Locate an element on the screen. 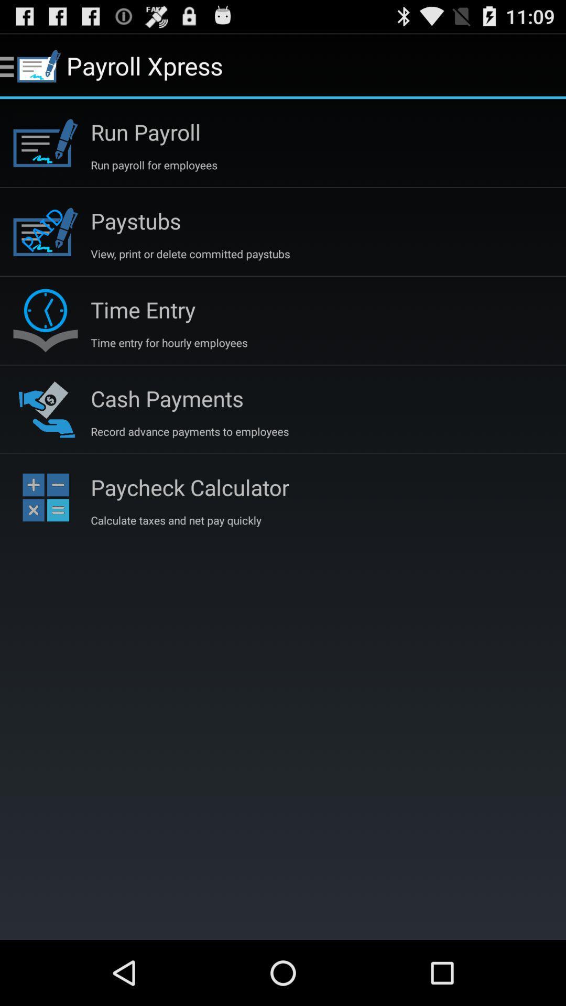 The height and width of the screenshot is (1006, 566). the view print or icon is located at coordinates (190, 254).